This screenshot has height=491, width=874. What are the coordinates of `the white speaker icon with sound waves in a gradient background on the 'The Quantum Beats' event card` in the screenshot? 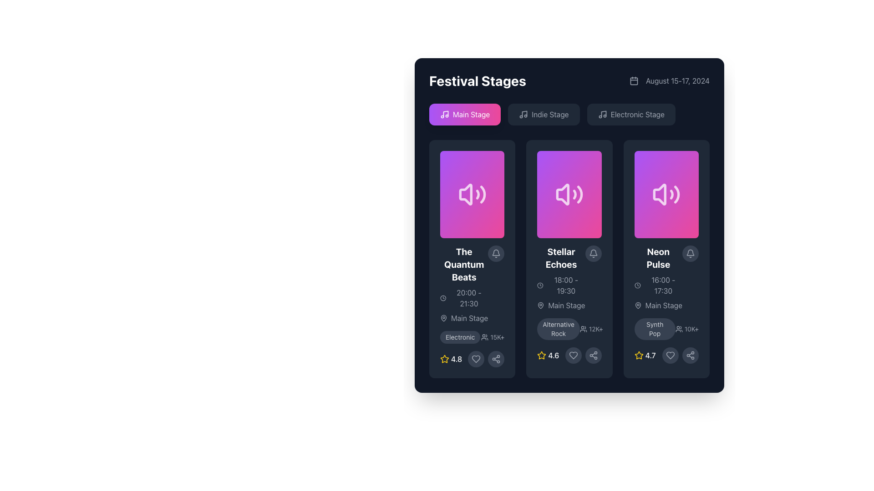 It's located at (472, 194).